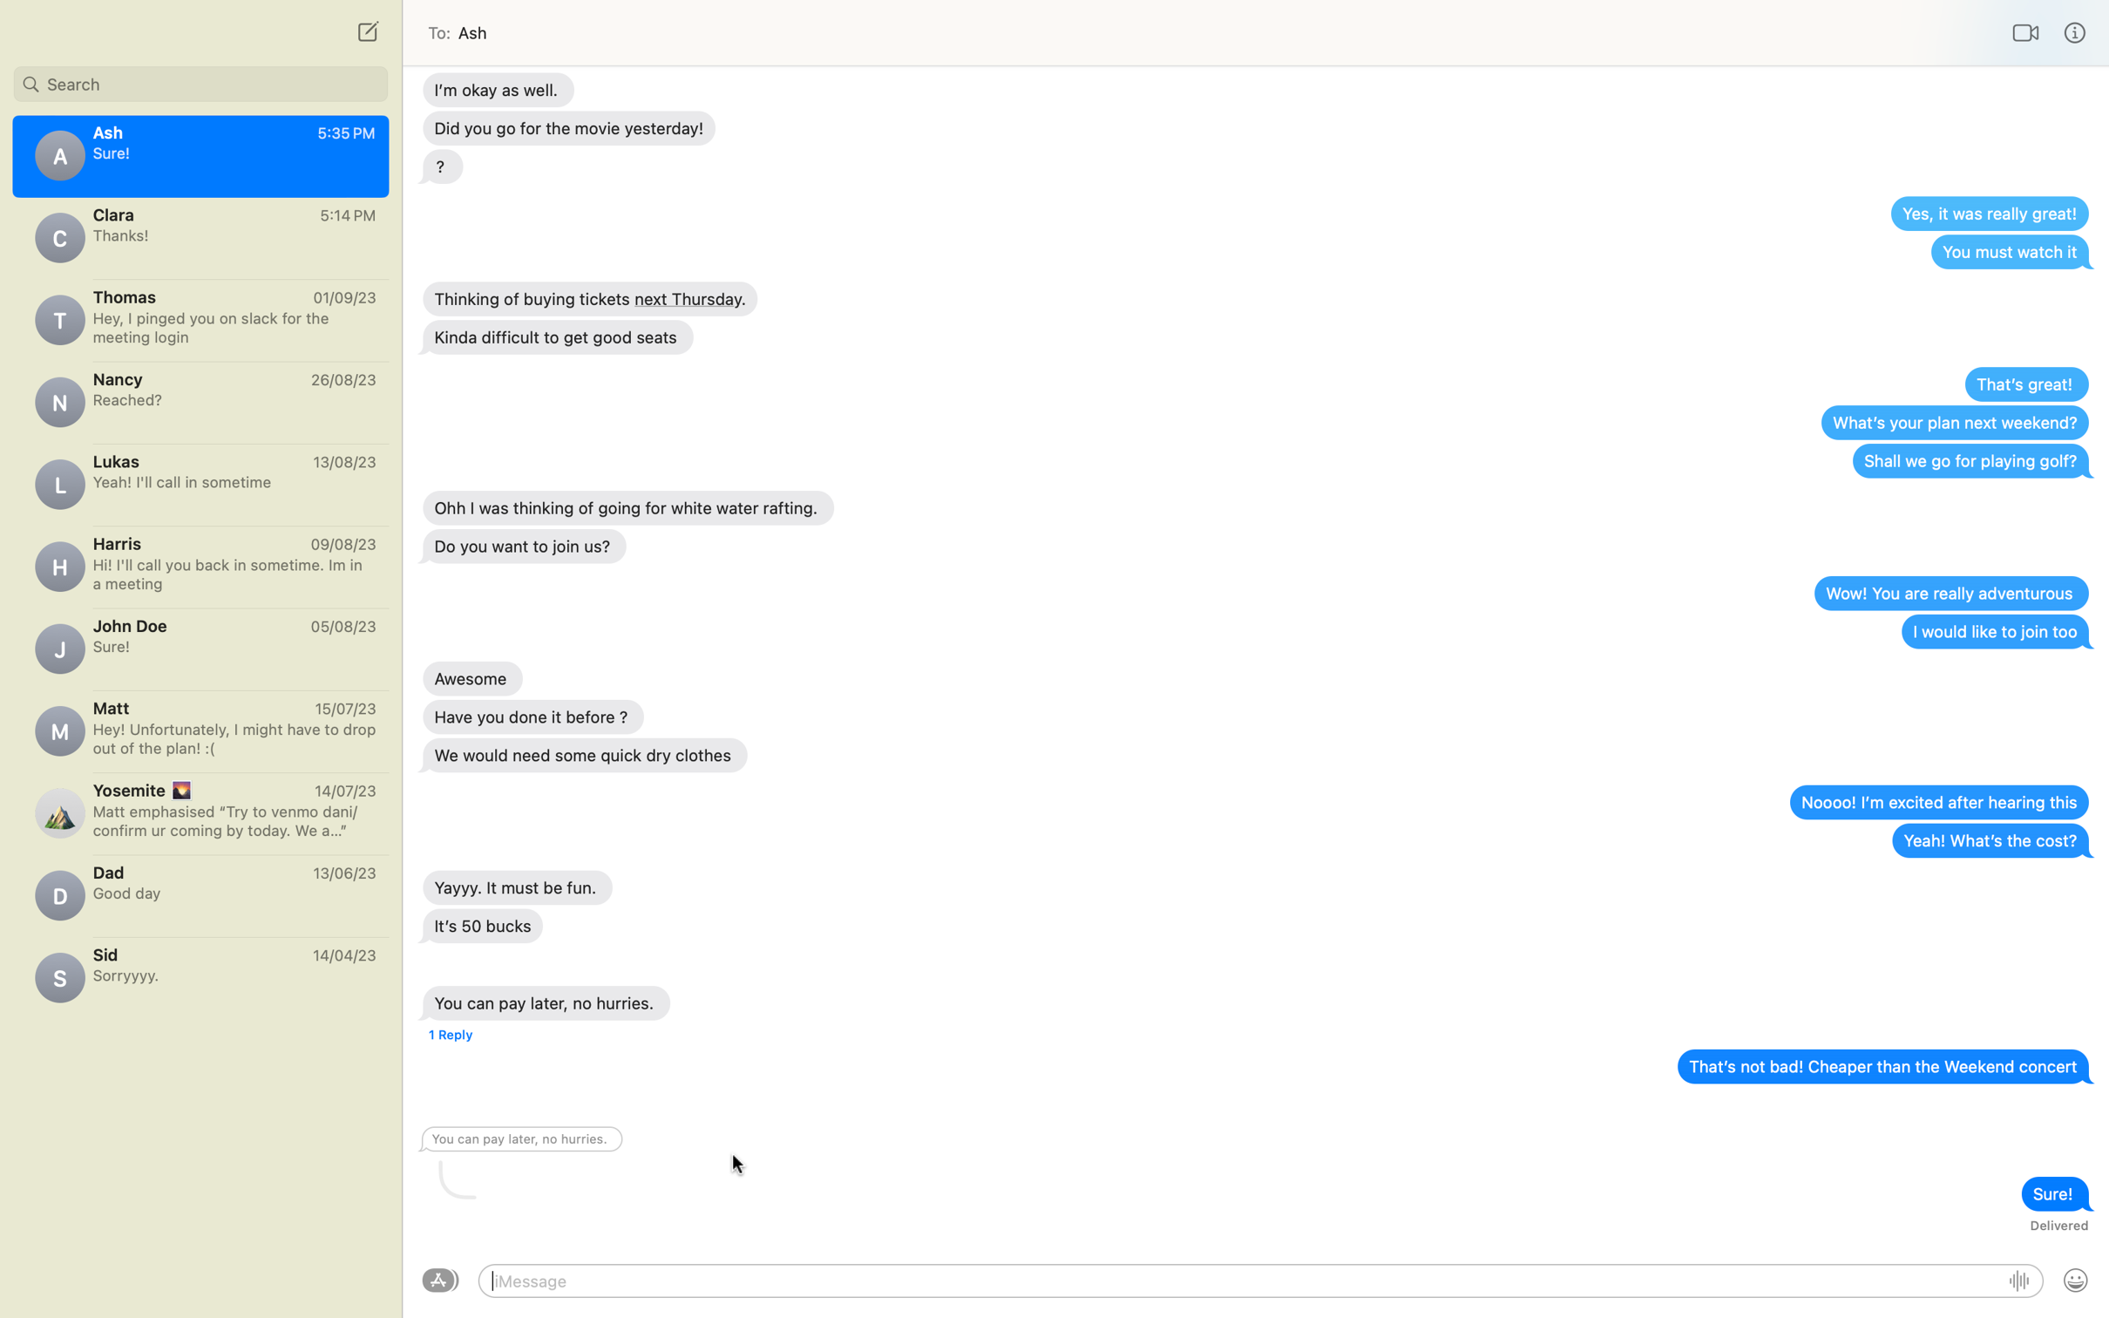 Image resolution: width=2109 pixels, height=1318 pixels. Describe the element at coordinates (2074, 1281) in the screenshot. I see `Activate emoji by clicking` at that location.